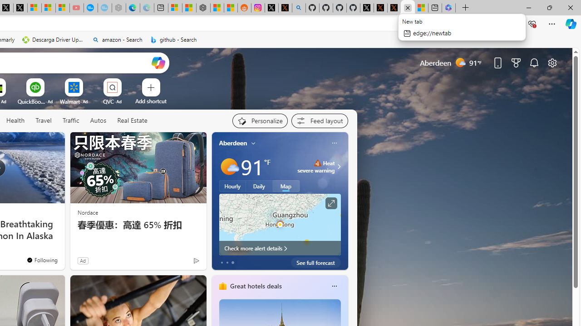 This screenshot has height=326, width=581. I want to click on 'amazon - Search', so click(117, 39).